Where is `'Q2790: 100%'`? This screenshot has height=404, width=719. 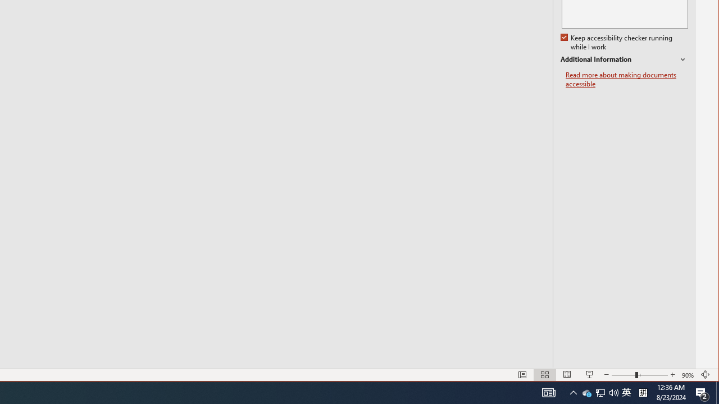
'Q2790: 100%' is located at coordinates (549, 392).